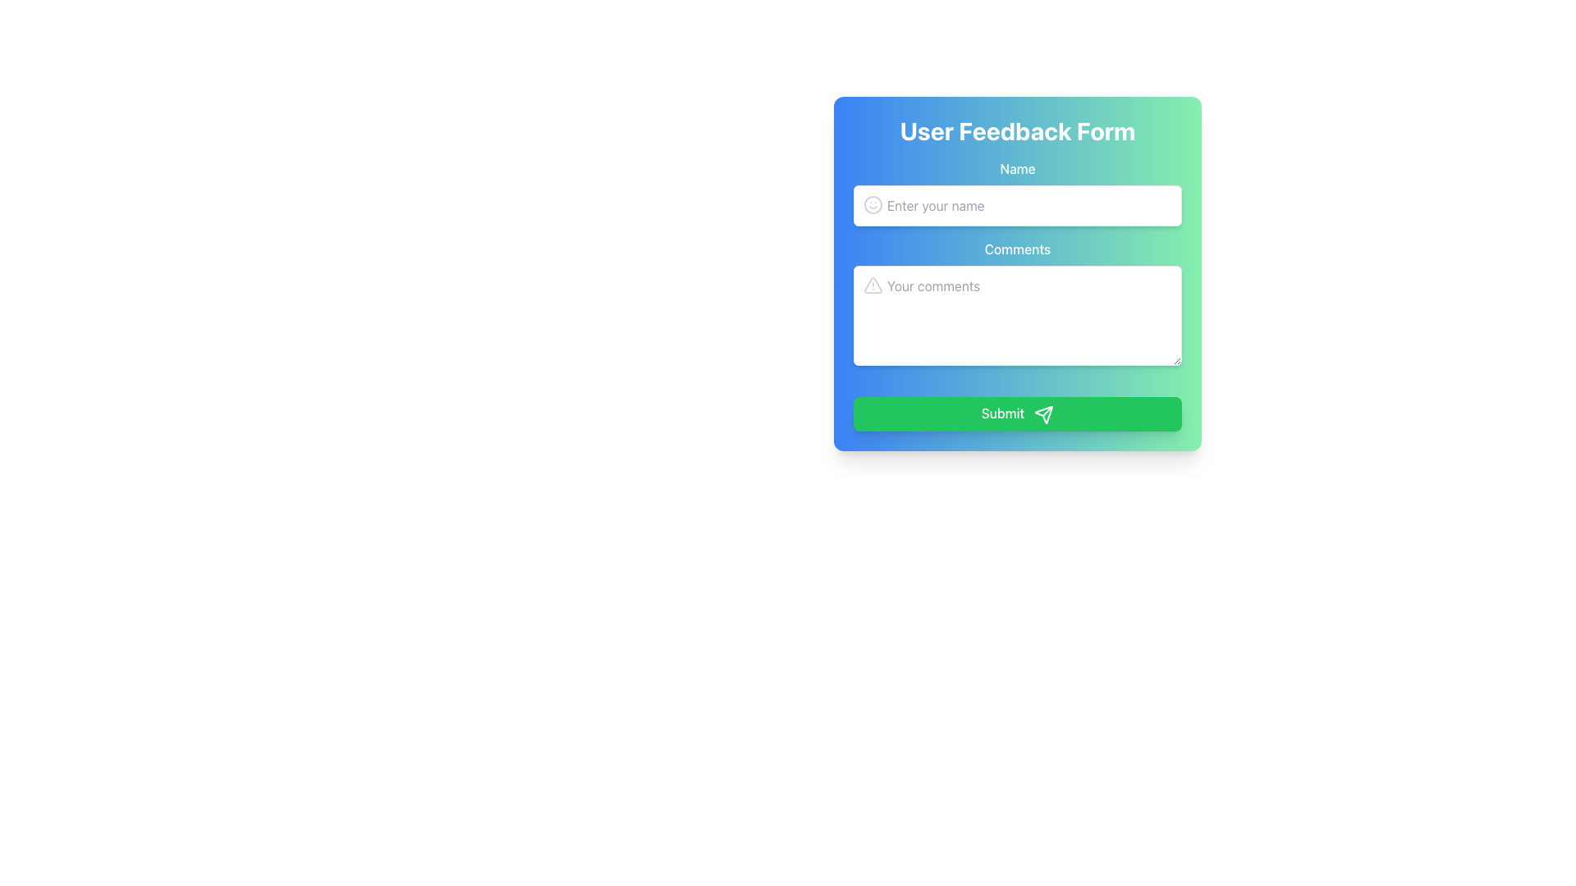 This screenshot has width=1576, height=886. What do you see at coordinates (1016, 406) in the screenshot?
I see `the green rectangular 'Submit' button located at the bottom of the form for visual feedback` at bounding box center [1016, 406].